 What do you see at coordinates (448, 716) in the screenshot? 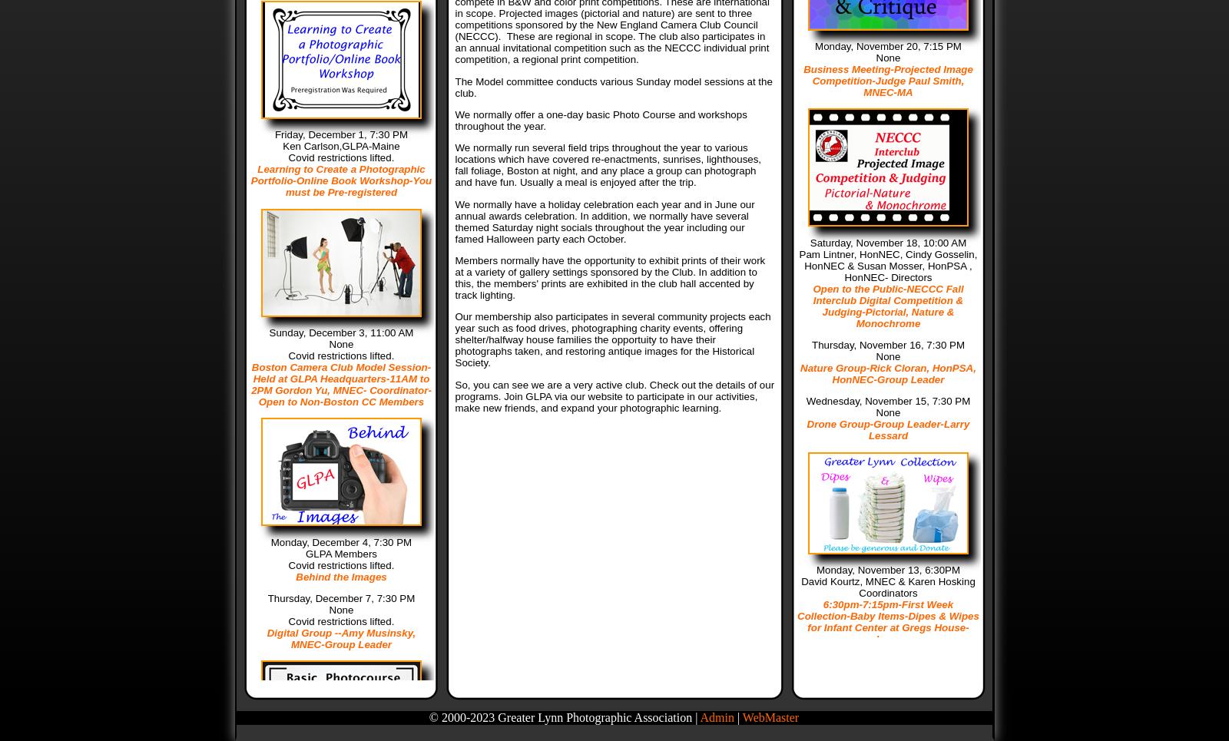
I see `'© 2000-'` at bounding box center [448, 716].